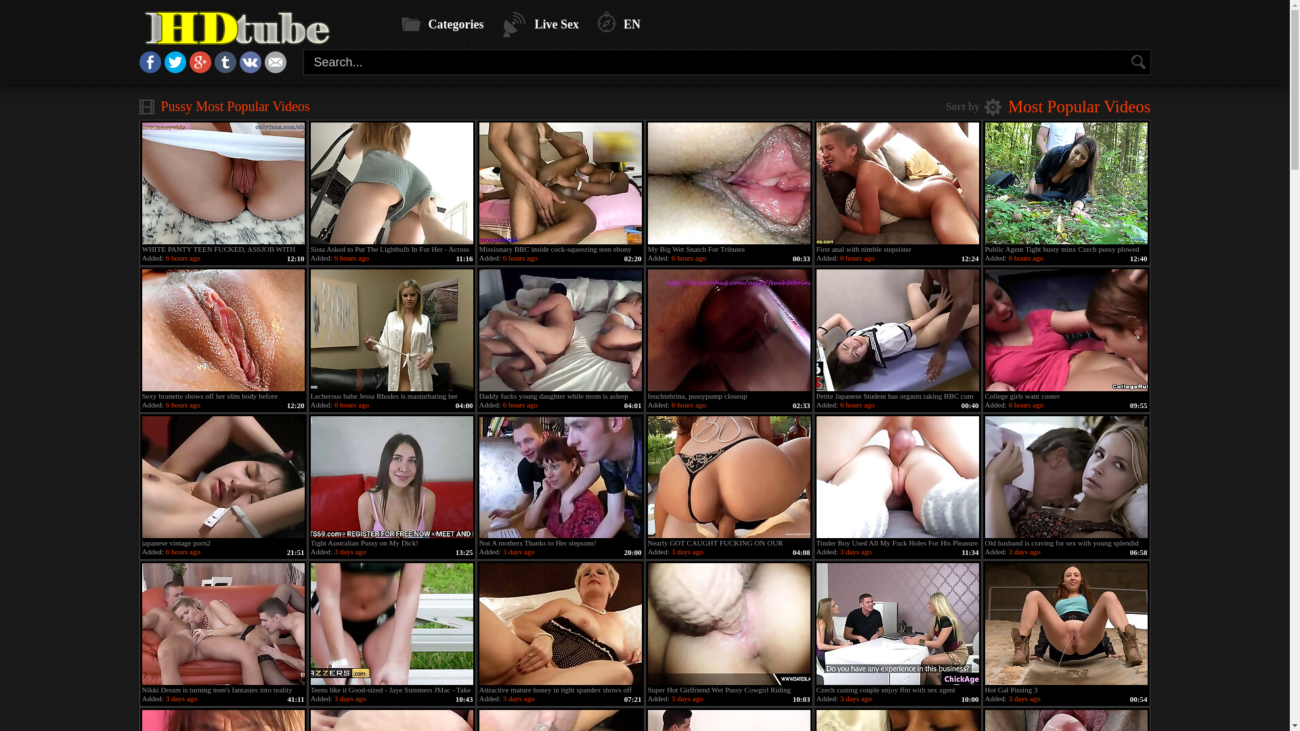 The image size is (1300, 731). I want to click on 'EN', so click(618, 24).